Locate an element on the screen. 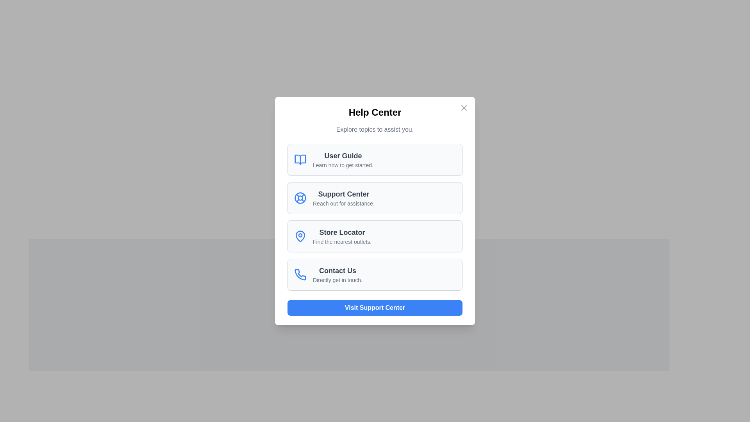  the rectangular button labeled 'Visit Support Center' to change its background color to a darker blue is located at coordinates (375, 307).